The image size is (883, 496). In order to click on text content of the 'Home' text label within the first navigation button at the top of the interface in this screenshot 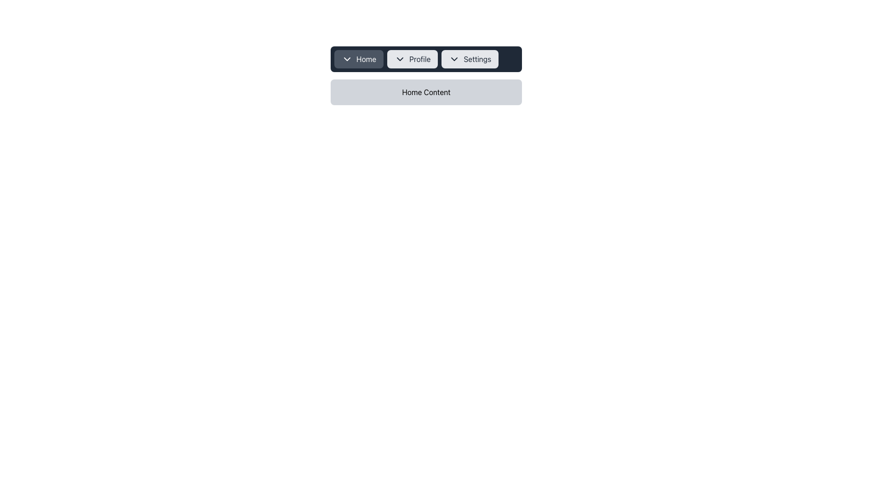, I will do `click(366, 59)`.